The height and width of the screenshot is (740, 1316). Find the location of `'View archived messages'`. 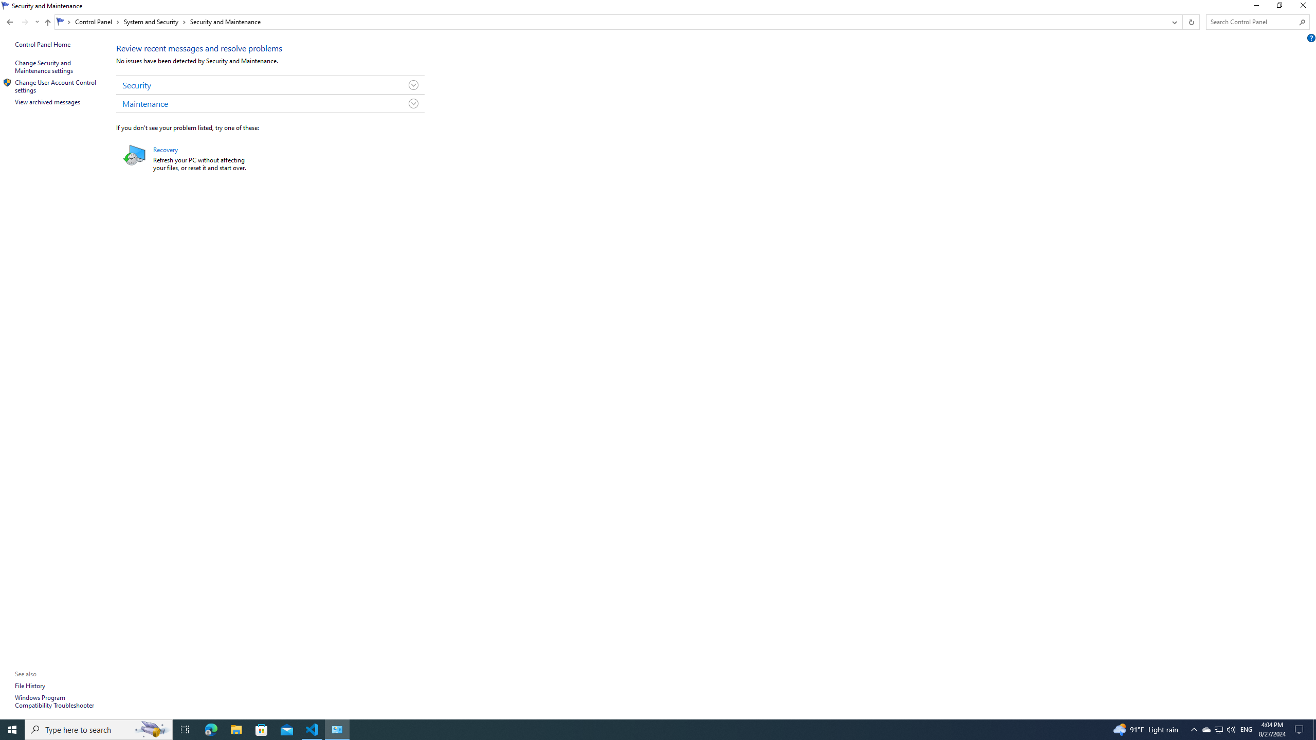

'View archived messages' is located at coordinates (48, 102).